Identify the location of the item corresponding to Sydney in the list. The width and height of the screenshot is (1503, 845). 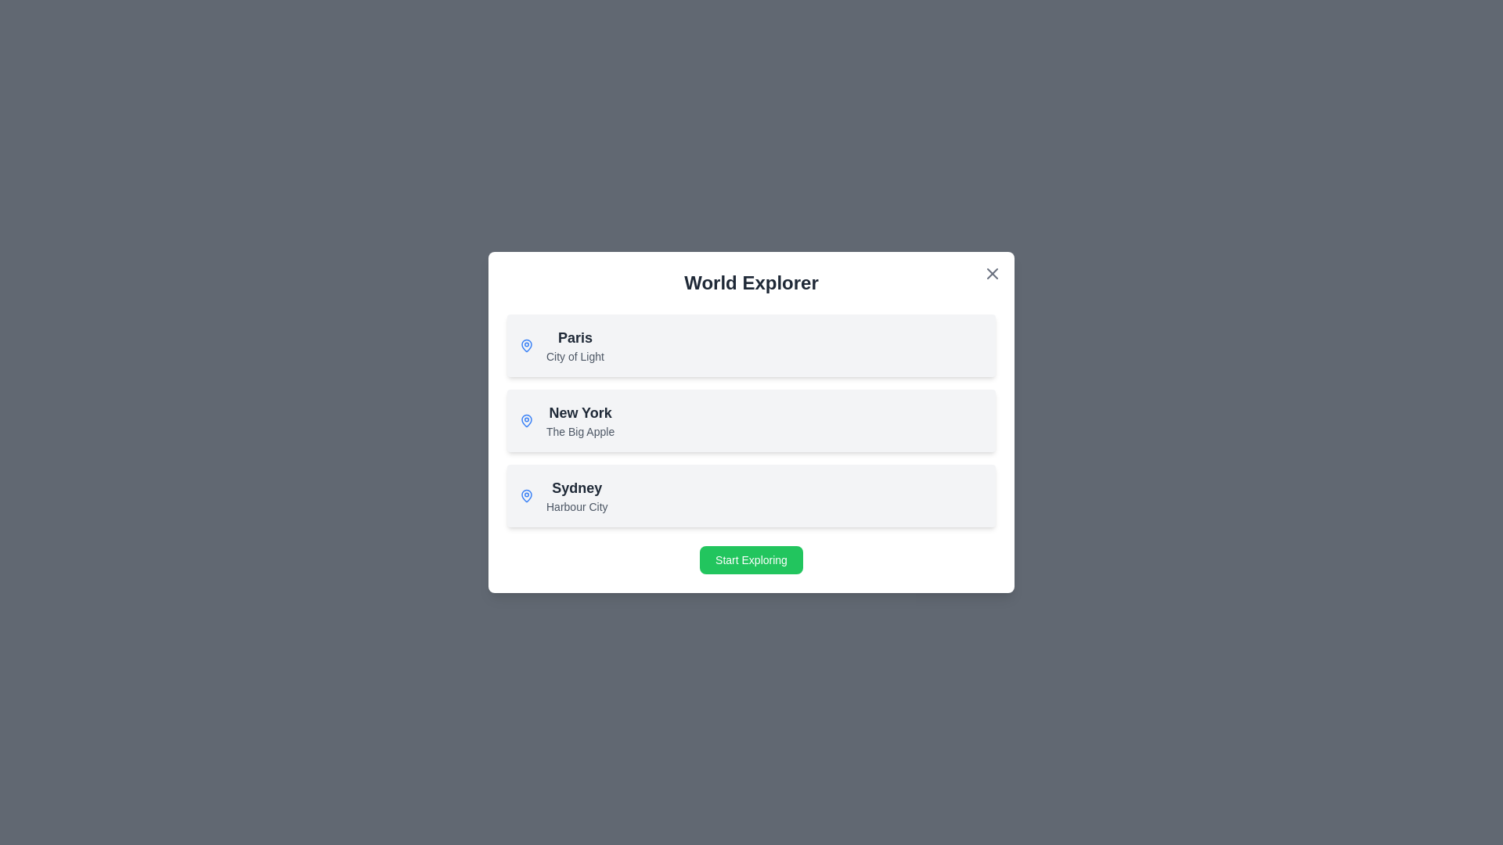
(751, 495).